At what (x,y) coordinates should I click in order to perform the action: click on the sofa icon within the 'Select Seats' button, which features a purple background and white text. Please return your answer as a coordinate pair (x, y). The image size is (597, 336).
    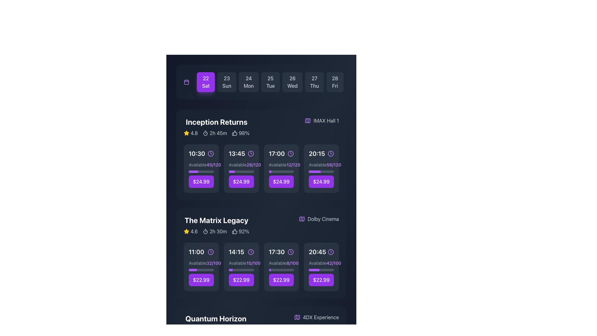
    Looking at the image, I should click on (231, 169).